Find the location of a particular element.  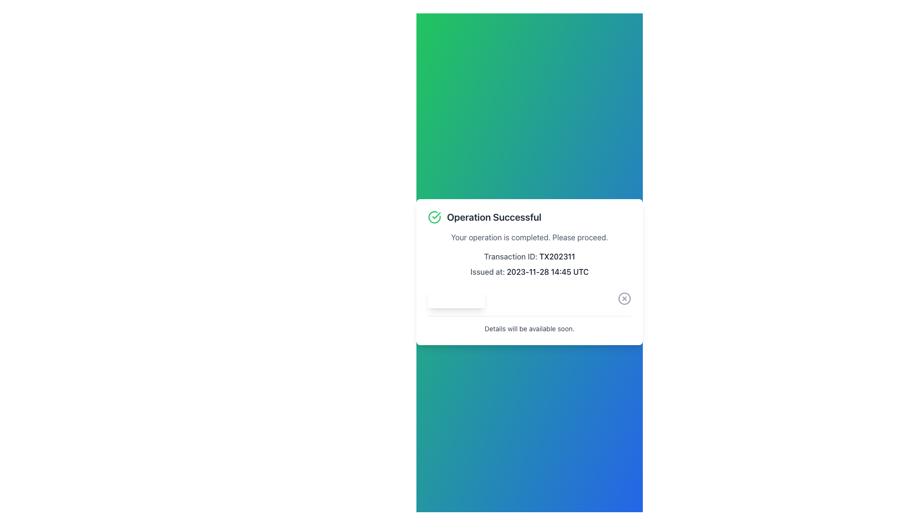

the circular green checkmark icon indicating success, located to the left of the text 'Operation Successful' is located at coordinates (434, 217).